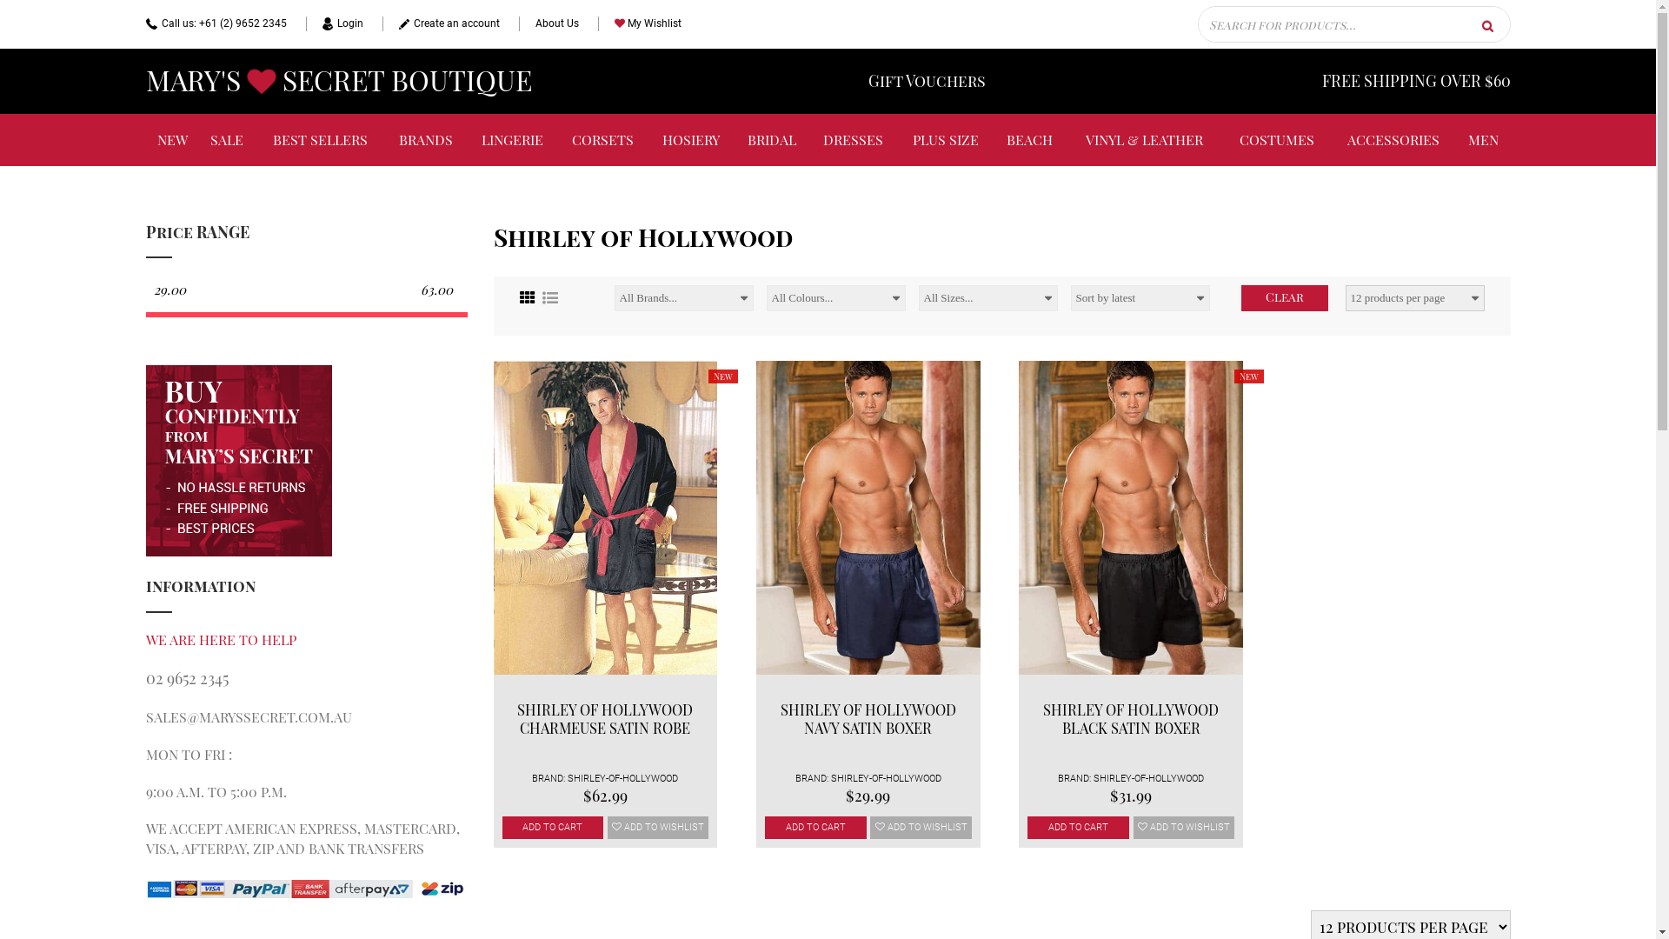  What do you see at coordinates (172, 139) in the screenshot?
I see `'NEW'` at bounding box center [172, 139].